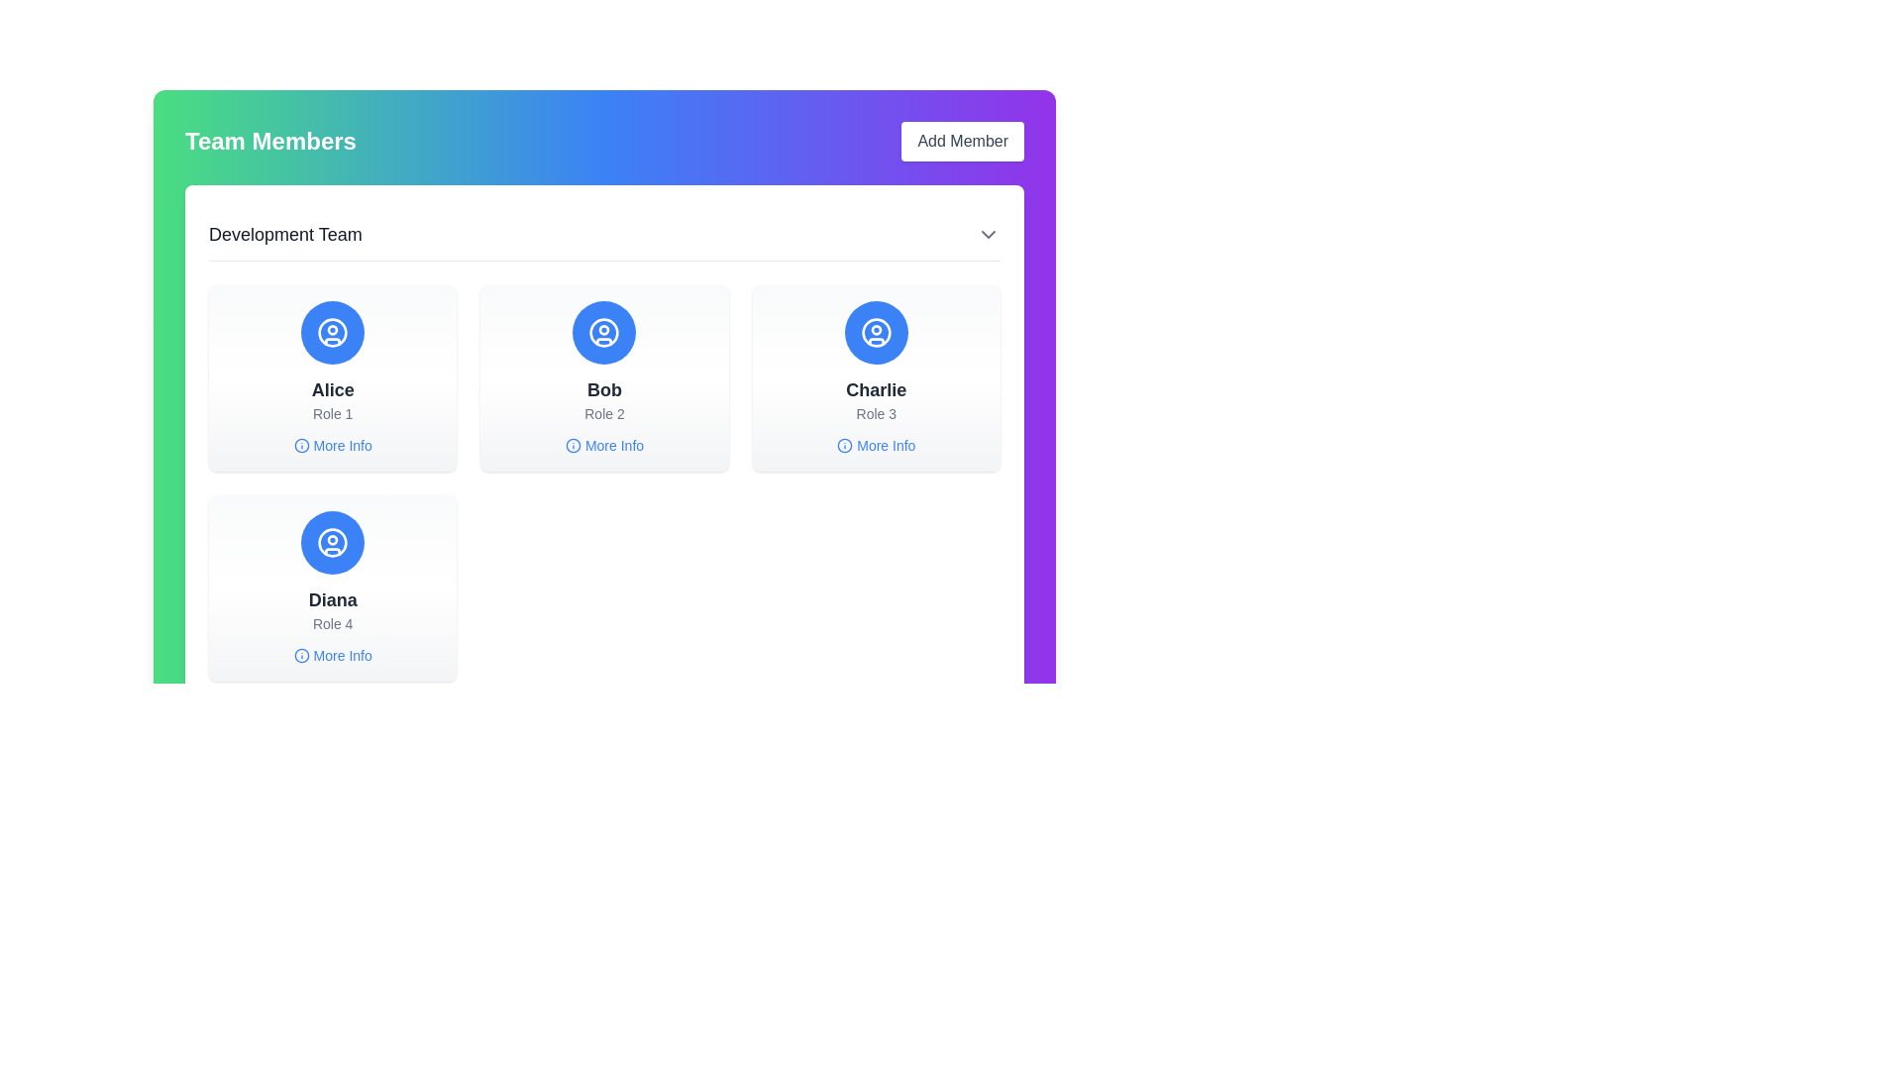 The height and width of the screenshot is (1070, 1902). I want to click on the 'More Info' button which contains a circular dark blue outlined icon with a blue center and a white lowercase 'i' symbol, located under the third card in a horizontal list of profiles, so click(845, 446).